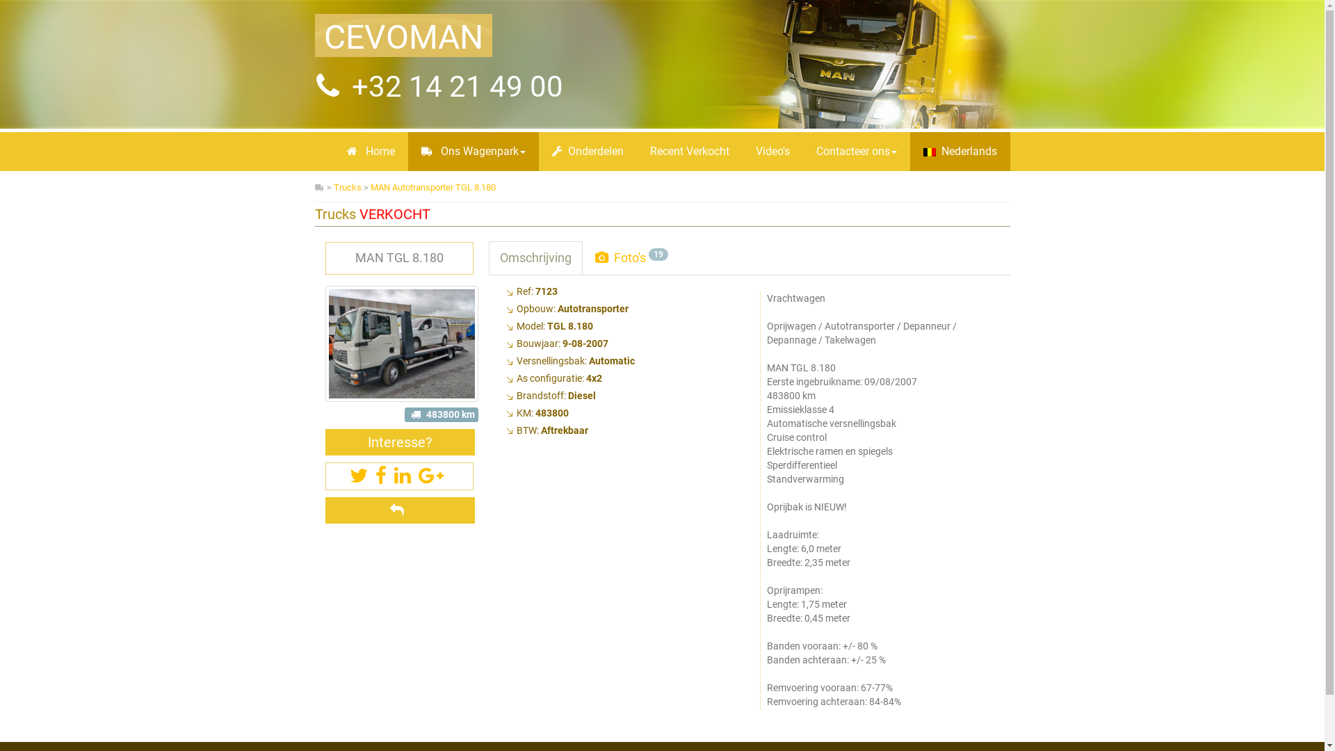 Image resolution: width=1335 pixels, height=751 pixels. I want to click on '+32 14 21 49 00', so click(453, 86).